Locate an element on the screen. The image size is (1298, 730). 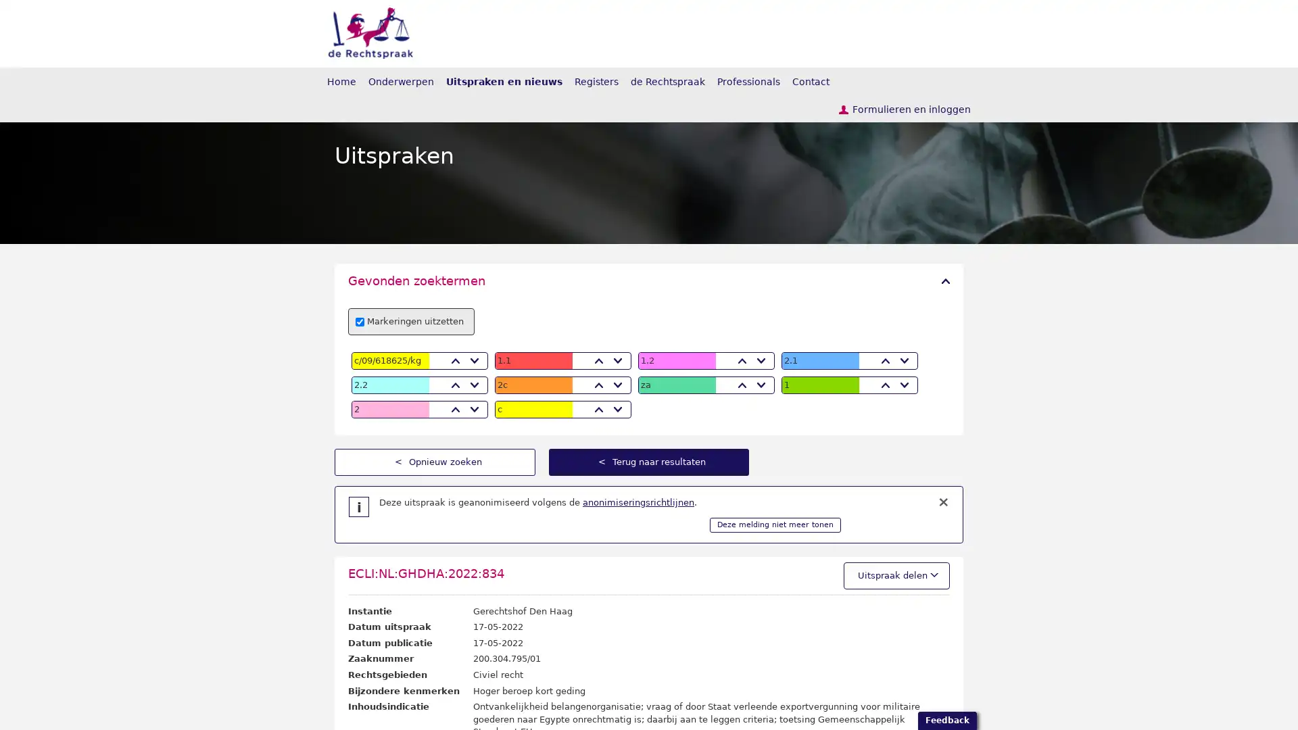
Vorige zoek term is located at coordinates (598, 385).